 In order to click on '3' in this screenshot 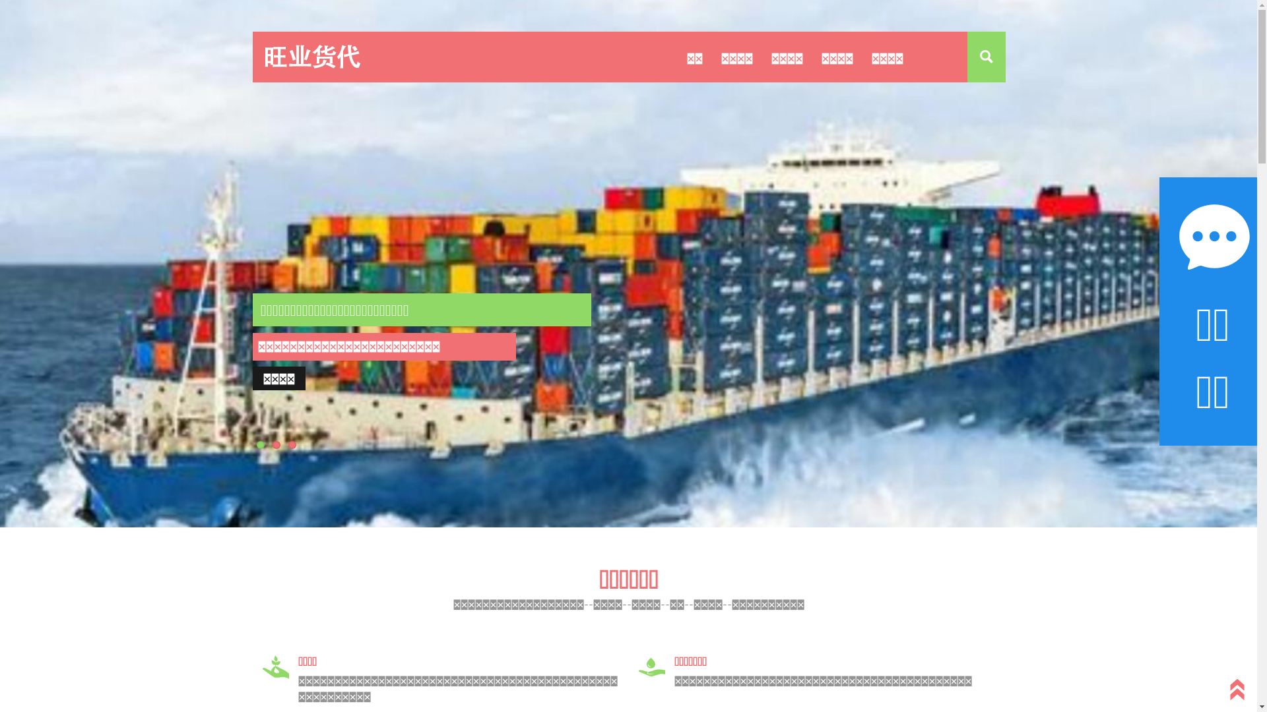, I will do `click(291, 445)`.